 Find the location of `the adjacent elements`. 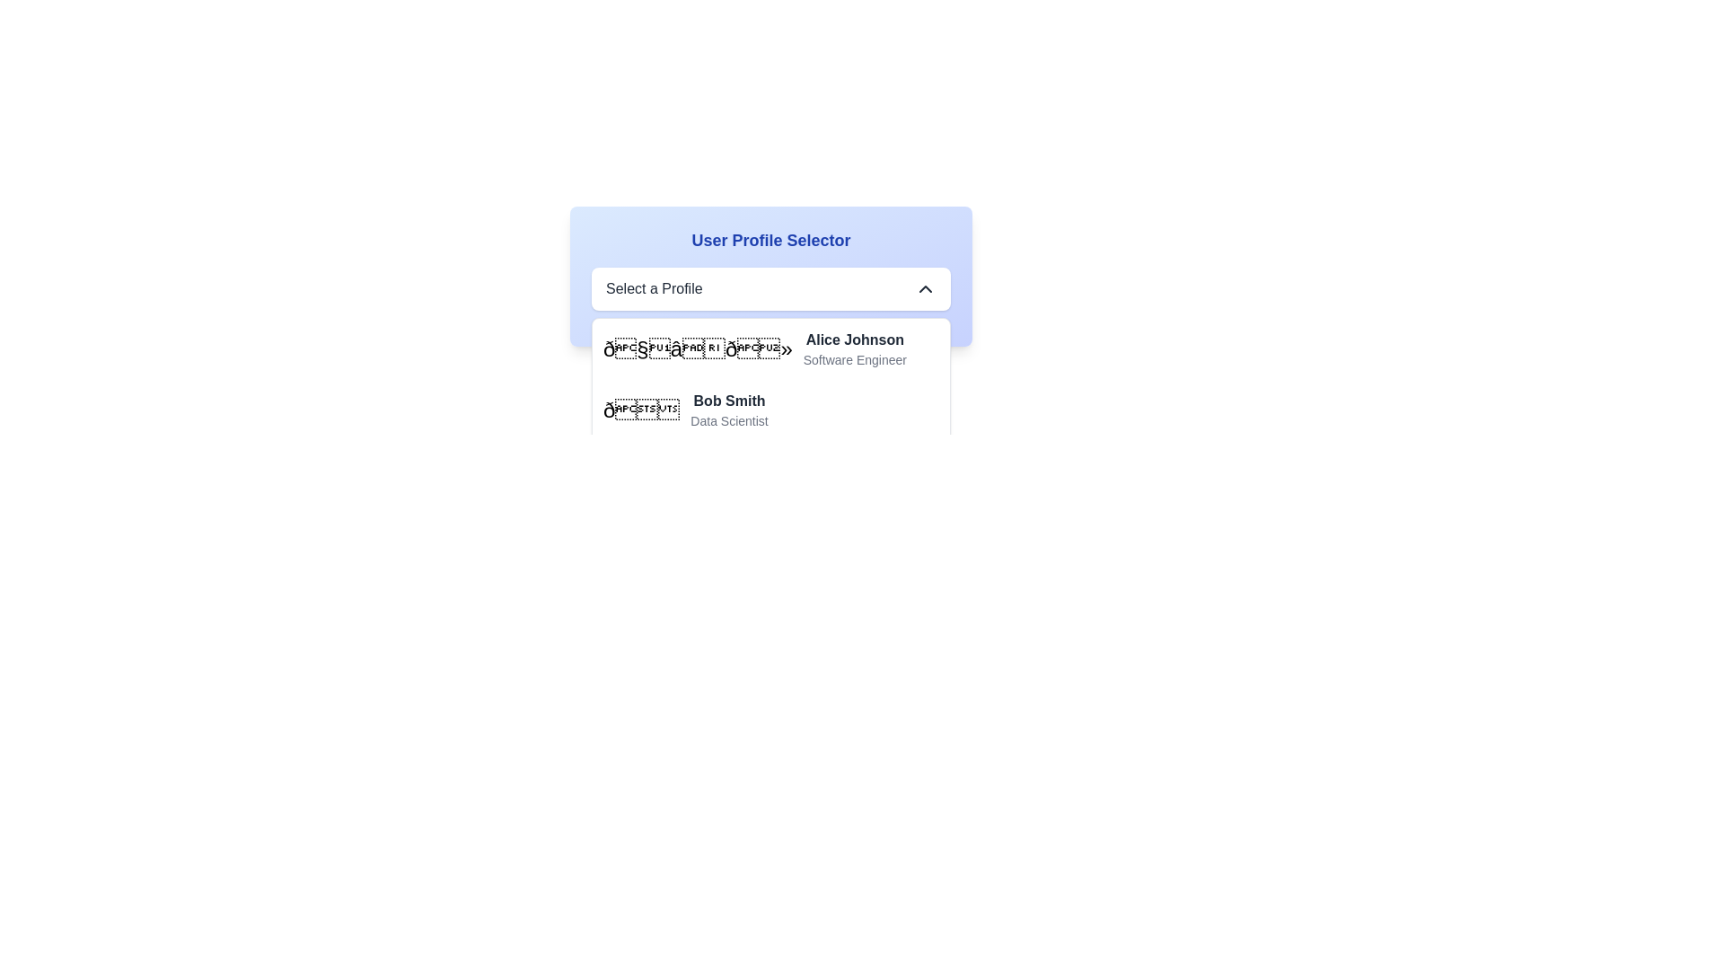

the adjacent elements is located at coordinates (854, 360).